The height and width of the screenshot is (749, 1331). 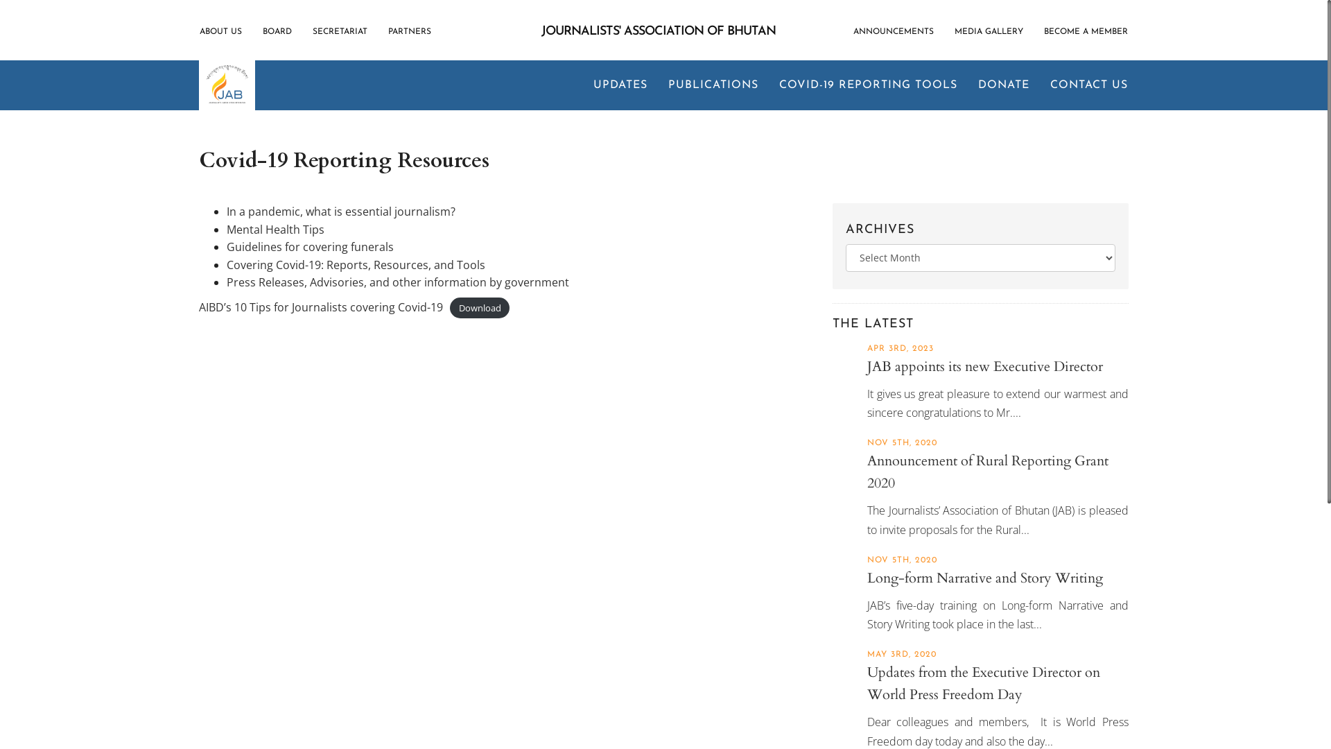 I want to click on 'CONTACT US', so click(x=1083, y=85).